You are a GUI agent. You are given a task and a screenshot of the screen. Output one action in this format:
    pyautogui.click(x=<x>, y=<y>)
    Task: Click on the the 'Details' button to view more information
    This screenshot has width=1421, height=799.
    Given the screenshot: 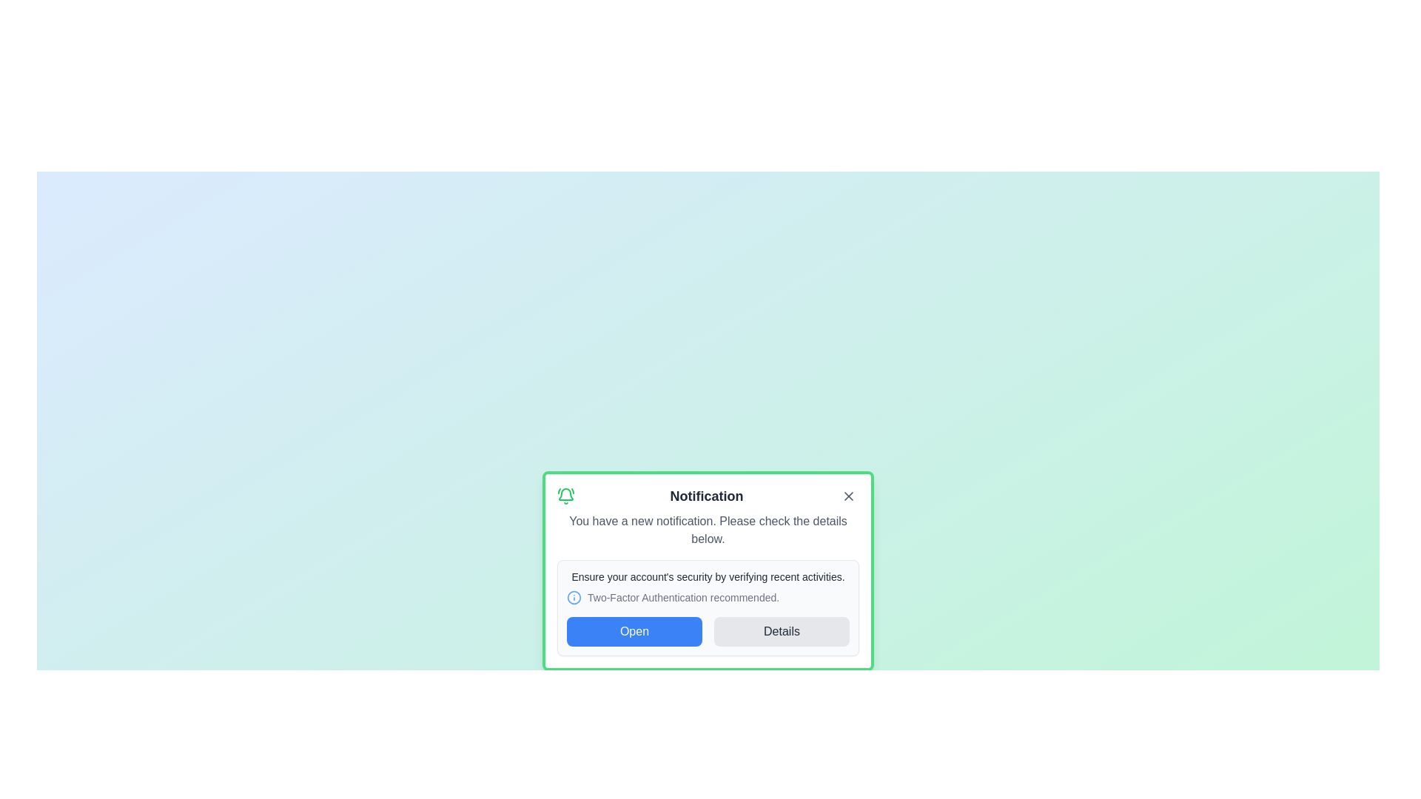 What is the action you would take?
    pyautogui.click(x=781, y=631)
    